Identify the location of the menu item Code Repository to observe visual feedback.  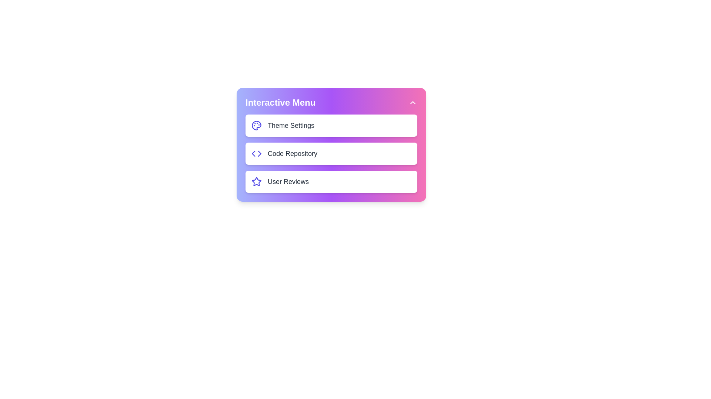
(331, 153).